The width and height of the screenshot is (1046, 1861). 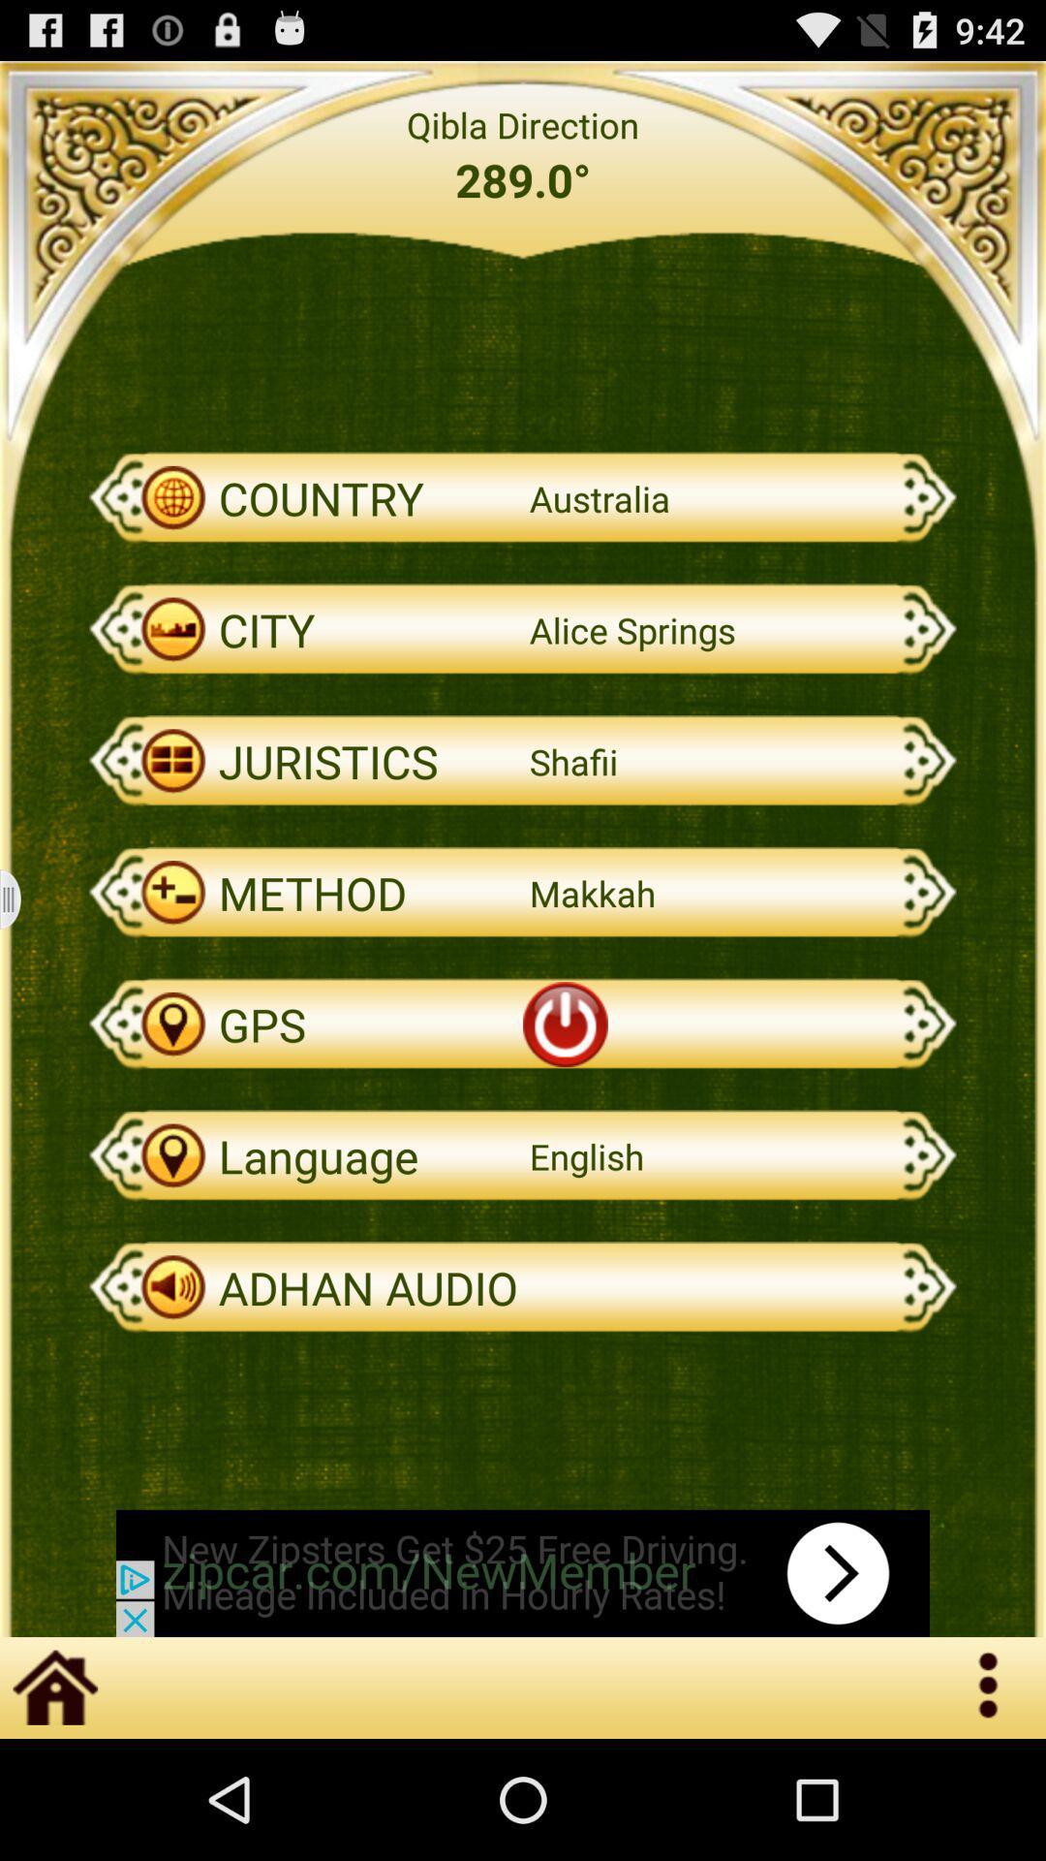 I want to click on go back, so click(x=22, y=899).